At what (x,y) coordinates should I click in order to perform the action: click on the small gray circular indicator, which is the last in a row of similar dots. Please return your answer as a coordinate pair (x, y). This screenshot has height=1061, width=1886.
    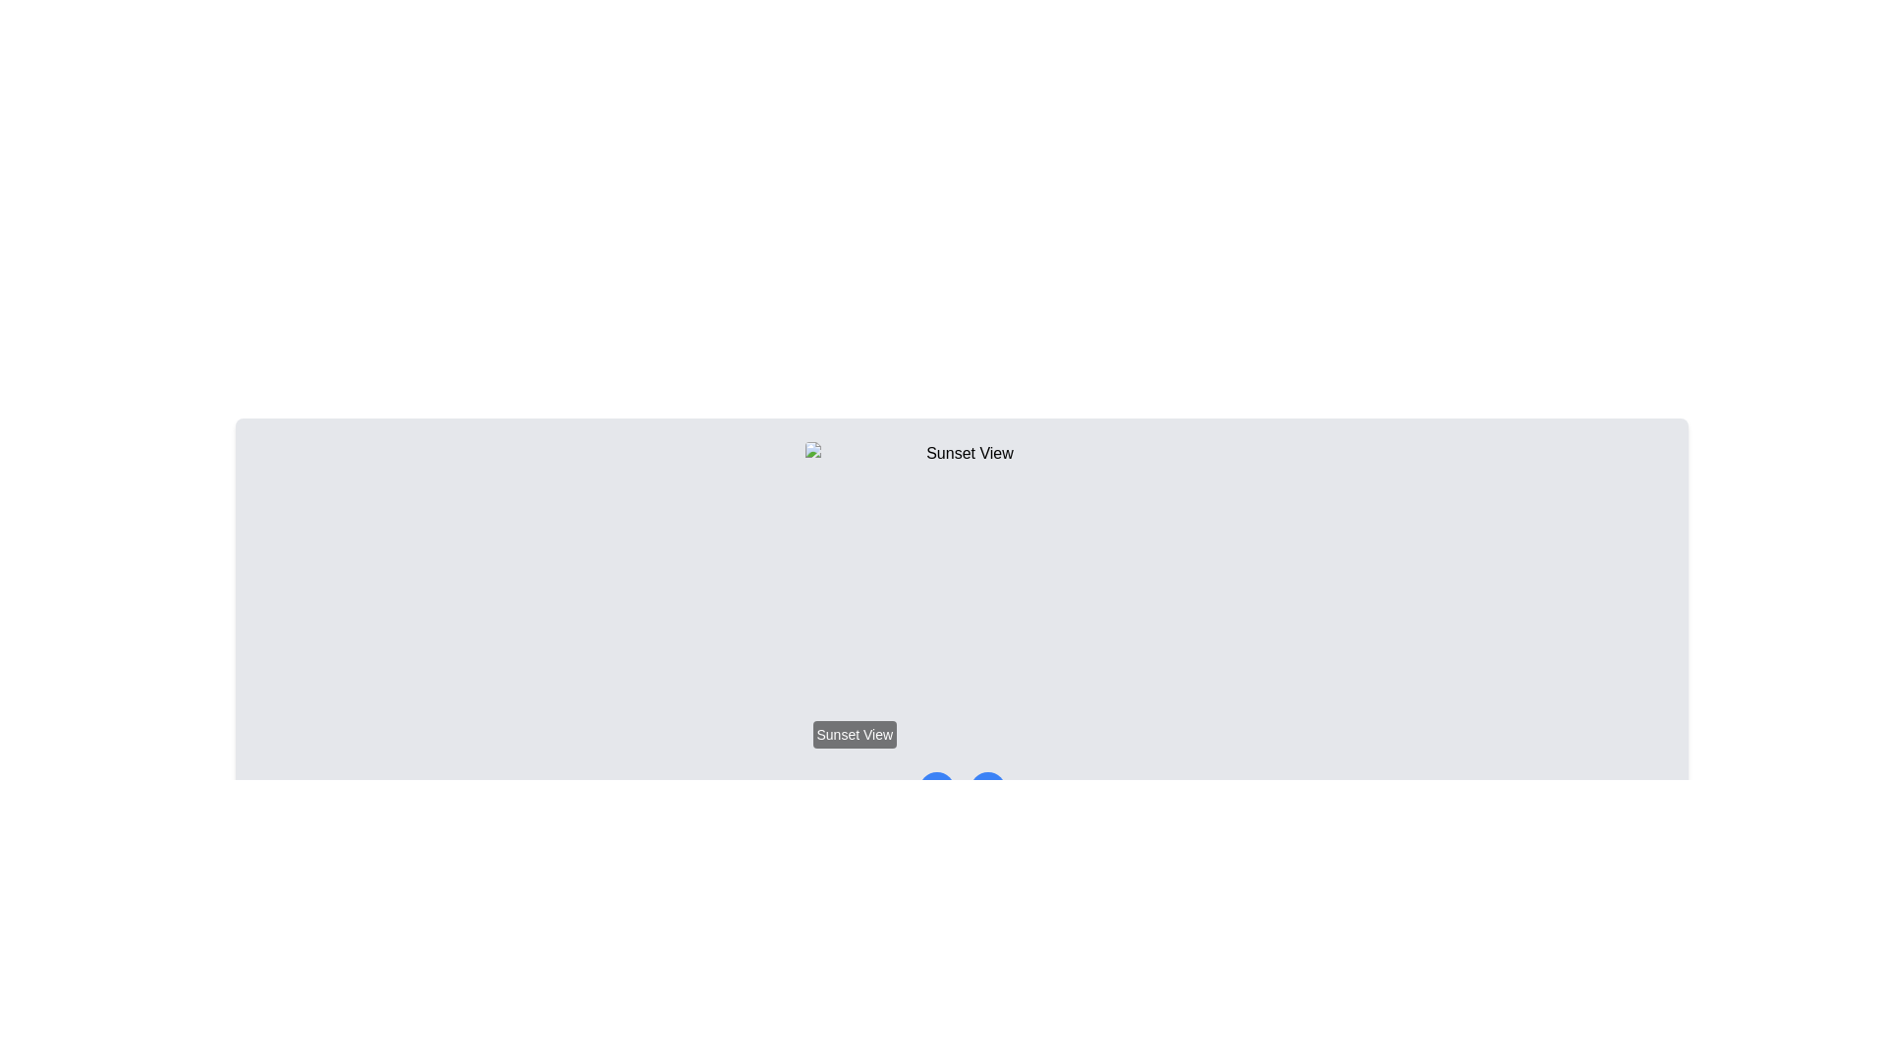
    Looking at the image, I should click on (981, 829).